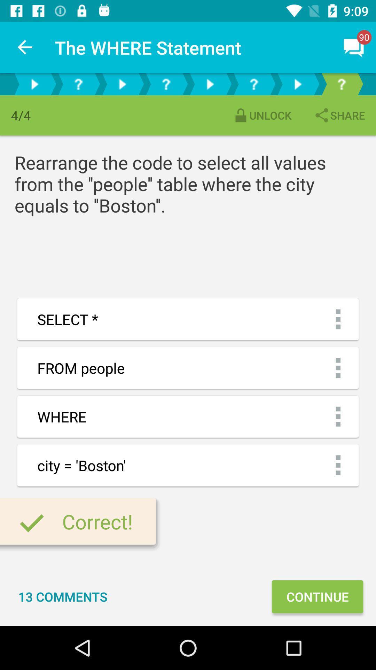 This screenshot has width=376, height=670. Describe the element at coordinates (317, 596) in the screenshot. I see `the continue item` at that location.